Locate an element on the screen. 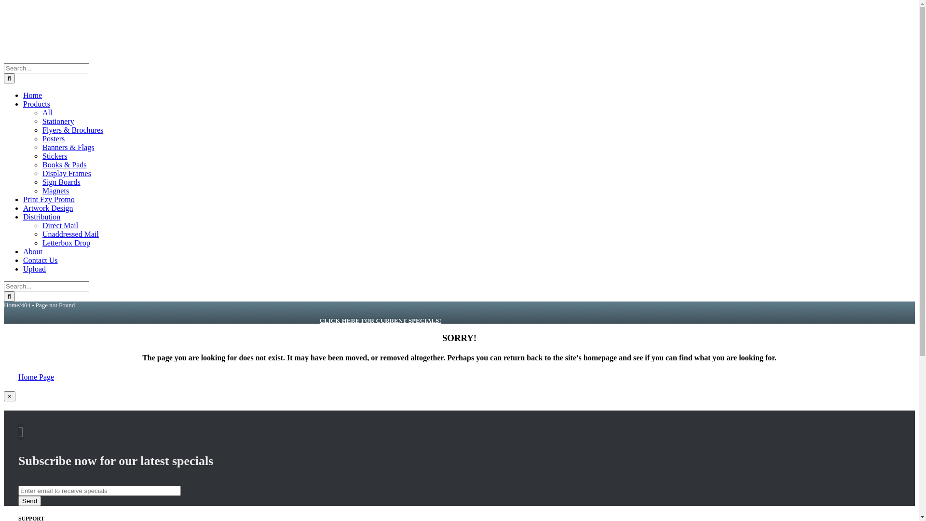  'Sign Boards' is located at coordinates (41, 182).